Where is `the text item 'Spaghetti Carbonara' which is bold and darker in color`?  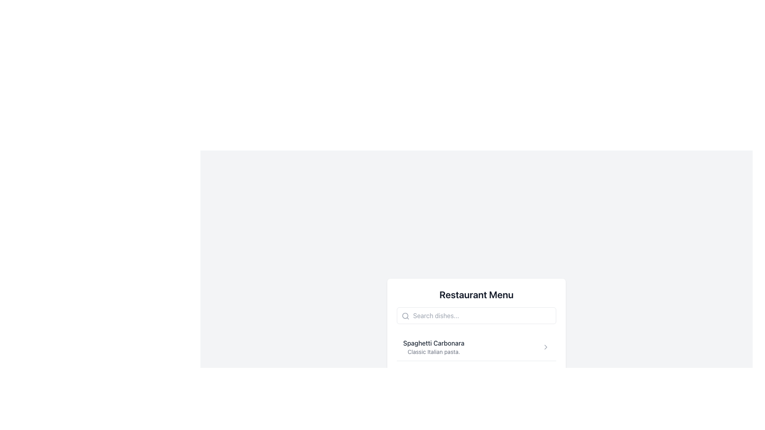 the text item 'Spaghetti Carbonara' which is bold and darker in color is located at coordinates (433, 346).